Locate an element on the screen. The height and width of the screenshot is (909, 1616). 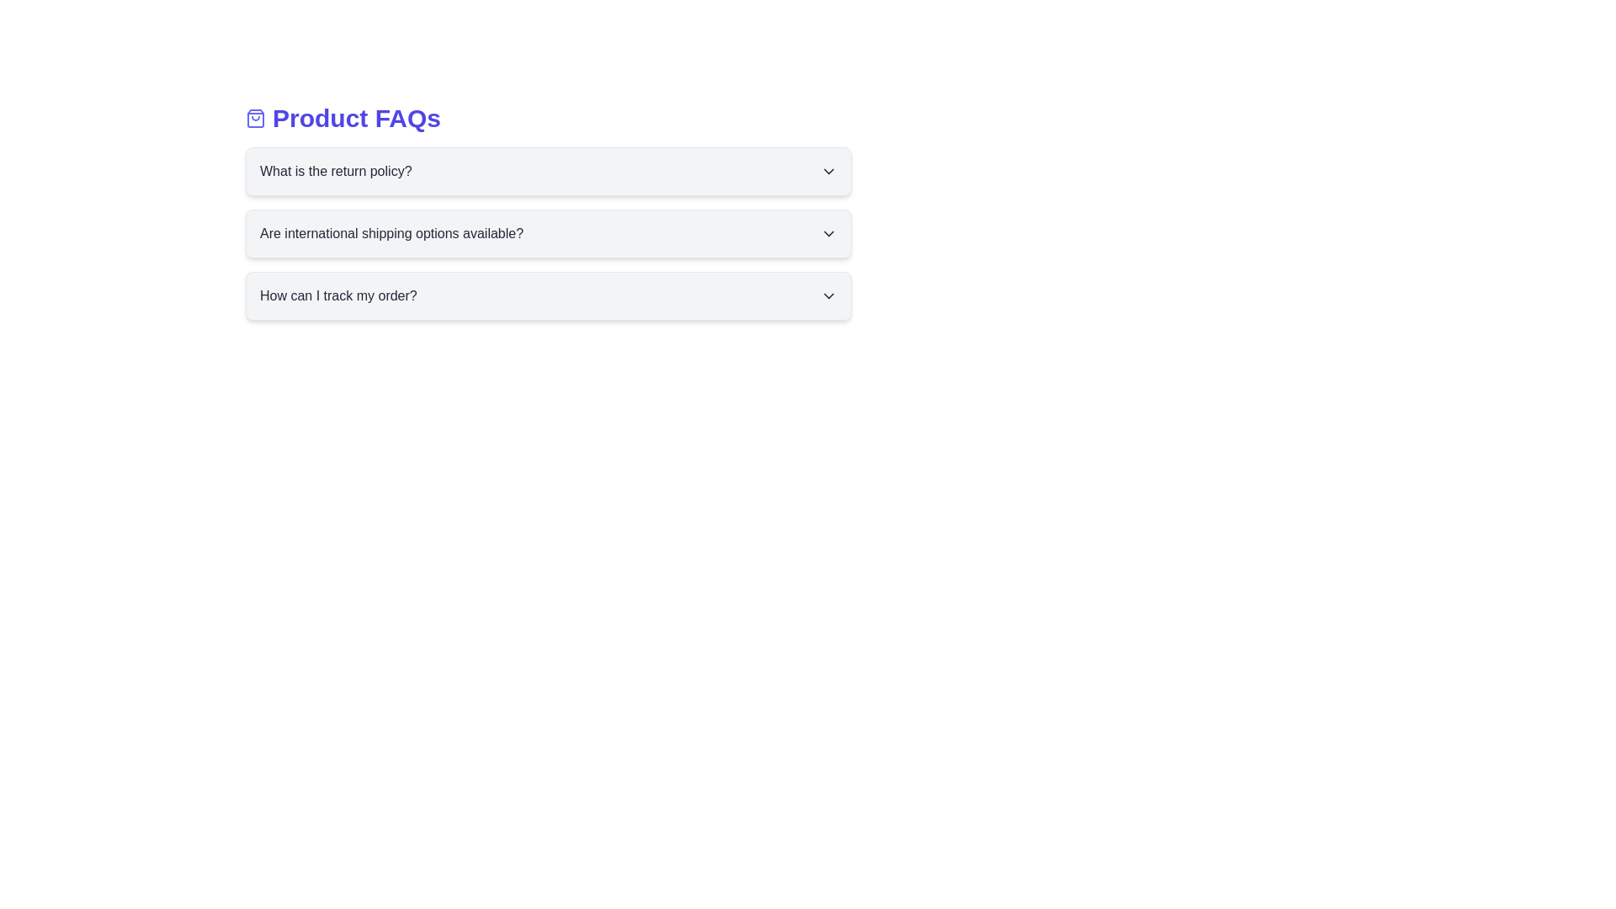
the text label that asks 'Are international shipping options available?' is located at coordinates (391, 233).